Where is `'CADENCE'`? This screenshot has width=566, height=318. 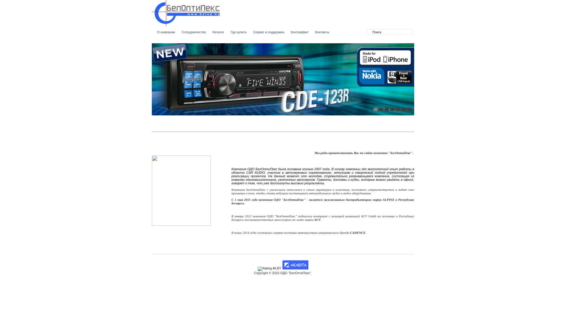 'CADENCE' is located at coordinates (358, 232).